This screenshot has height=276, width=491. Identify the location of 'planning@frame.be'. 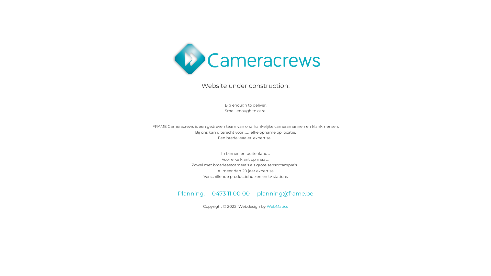
(285, 193).